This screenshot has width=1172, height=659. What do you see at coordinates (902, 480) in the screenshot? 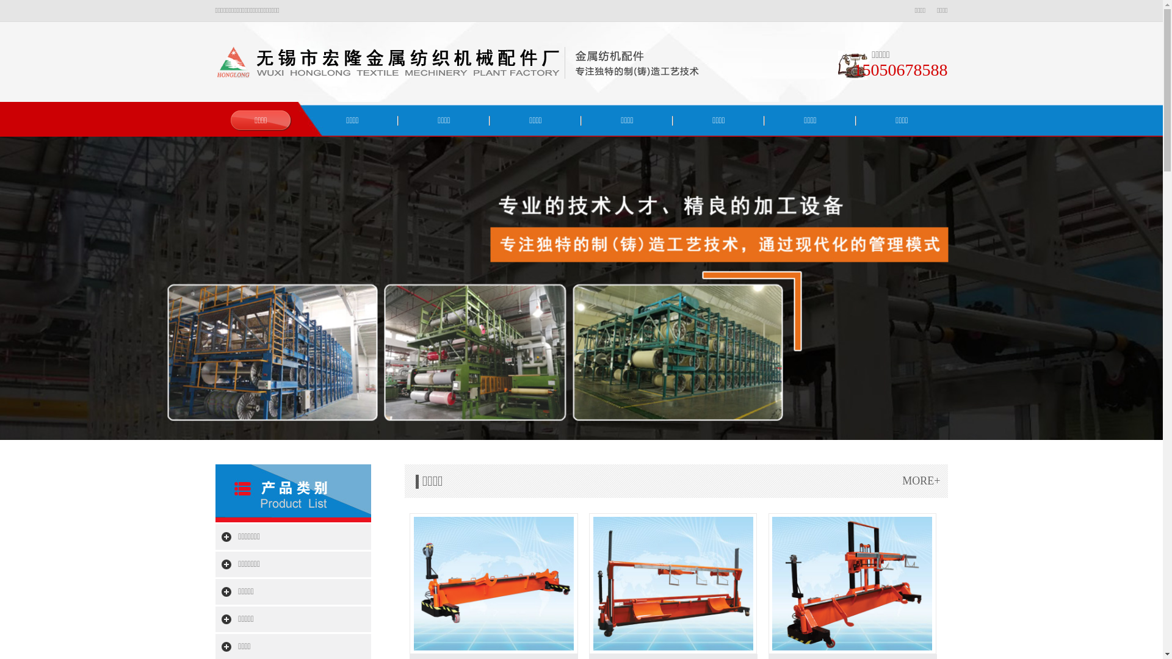
I see `'MORE+'` at bounding box center [902, 480].